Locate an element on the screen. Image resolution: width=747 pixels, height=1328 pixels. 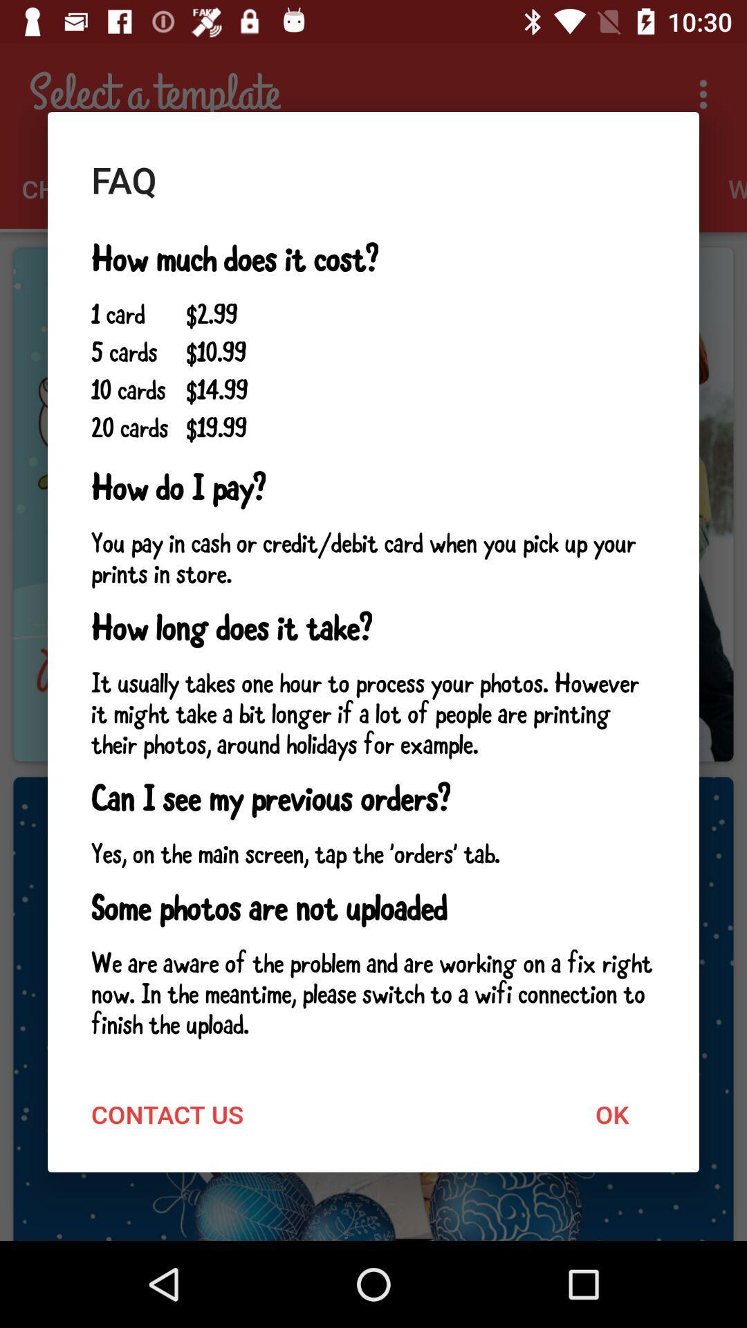
icon below the we are aware icon is located at coordinates (611, 1114).